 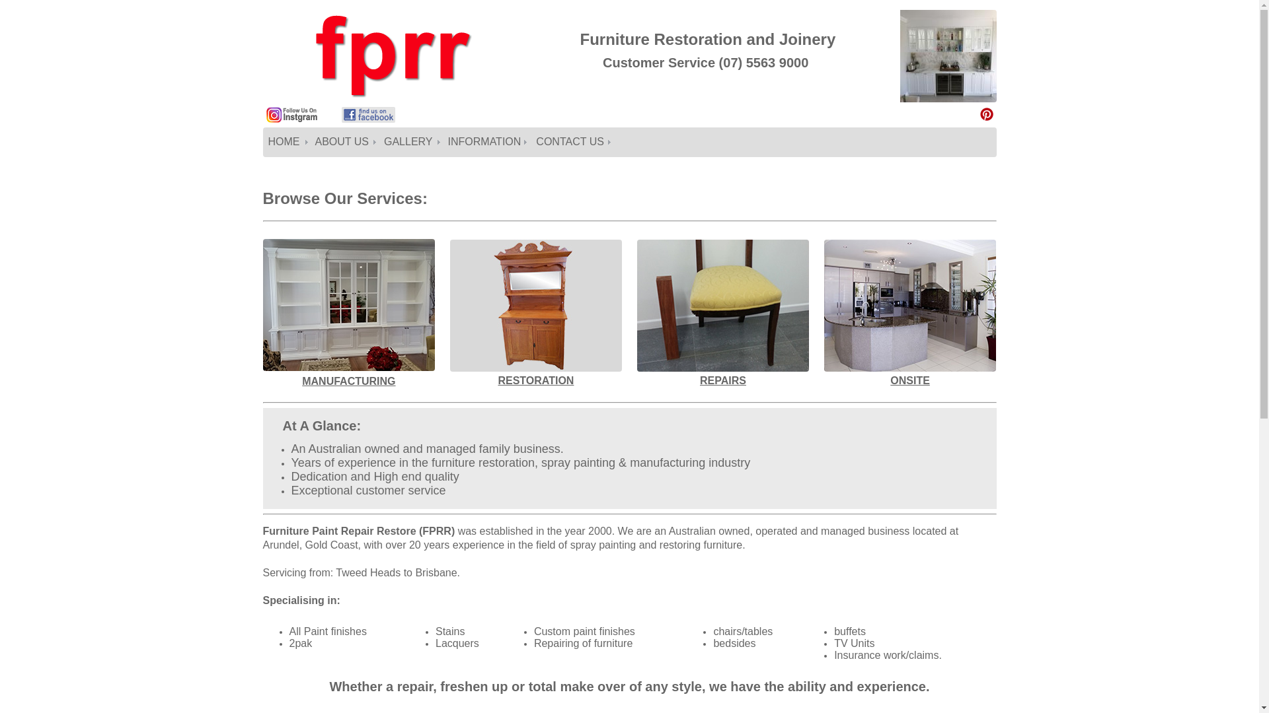 What do you see at coordinates (286, 142) in the screenshot?
I see `'HOME'` at bounding box center [286, 142].